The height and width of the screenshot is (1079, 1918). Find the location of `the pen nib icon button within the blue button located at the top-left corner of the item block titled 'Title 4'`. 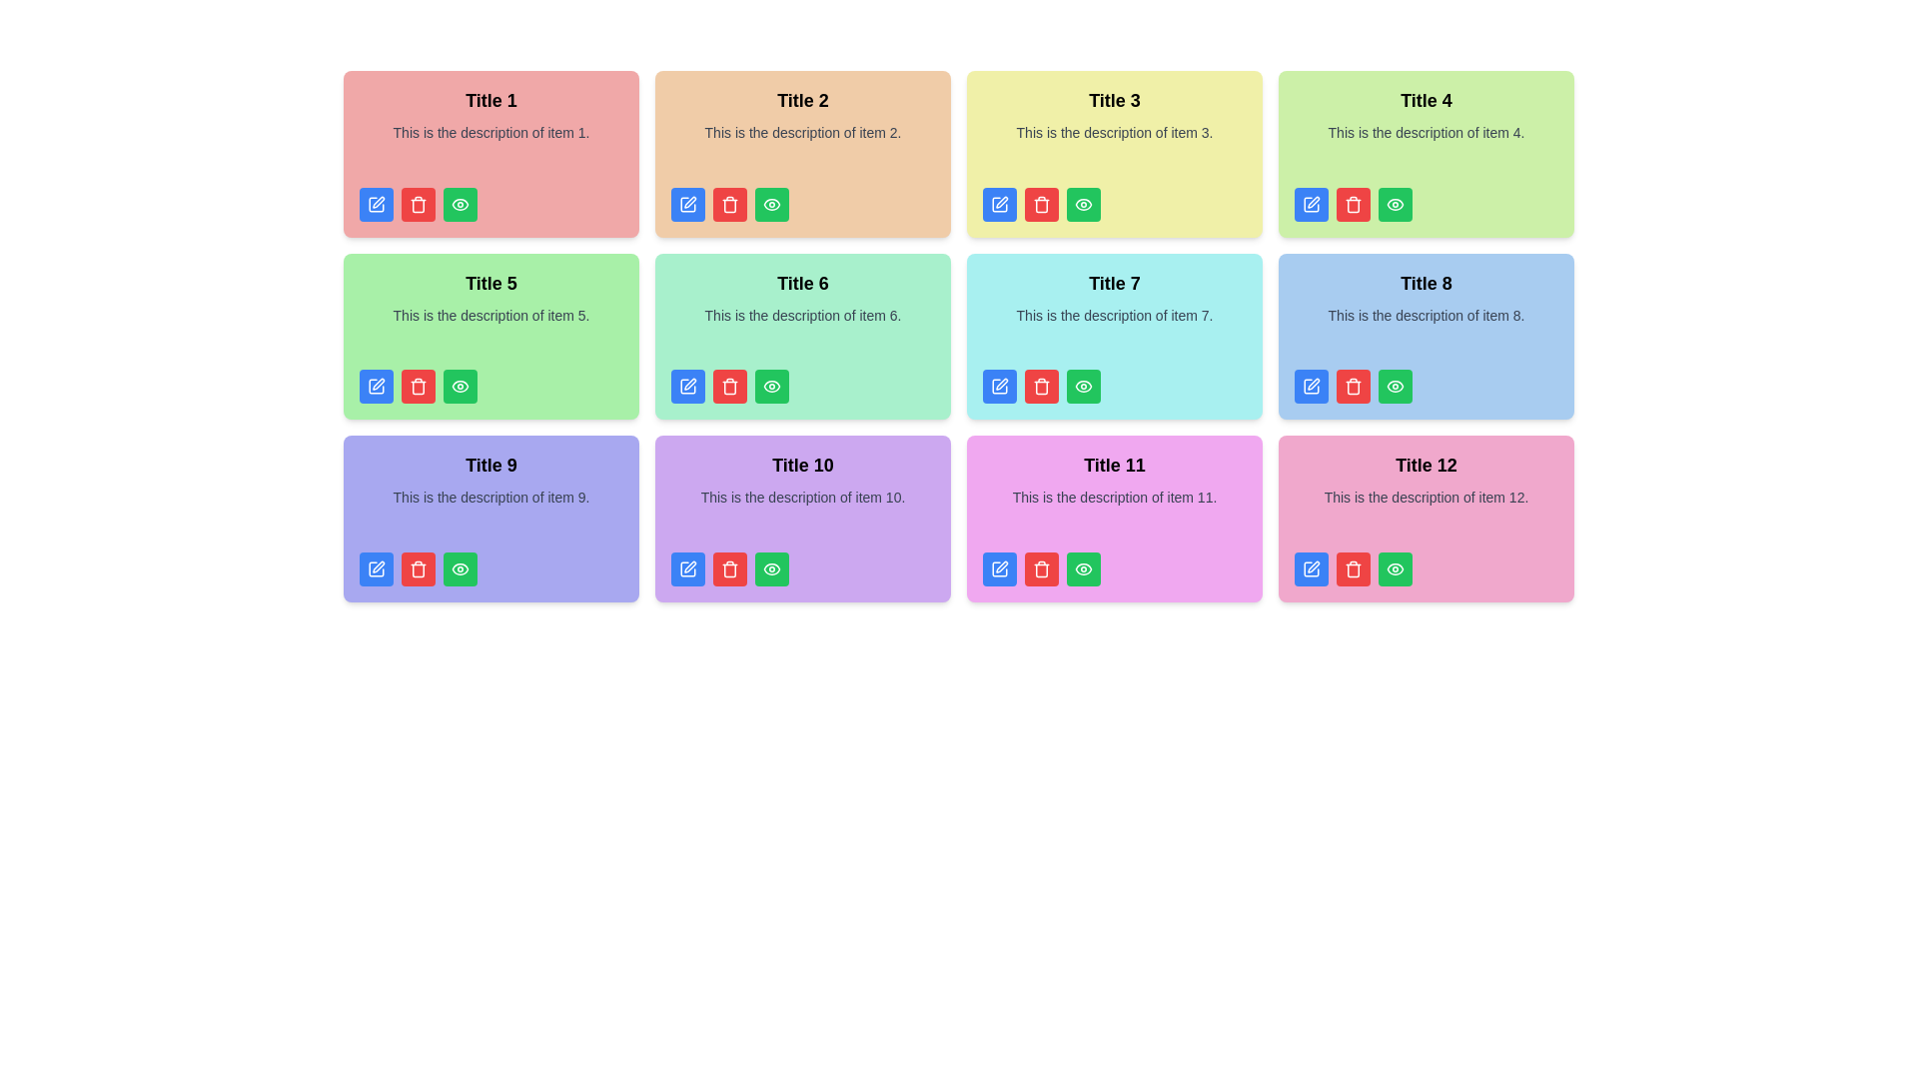

the pen nib icon button within the blue button located at the top-left corner of the item block titled 'Title 4' is located at coordinates (1314, 202).